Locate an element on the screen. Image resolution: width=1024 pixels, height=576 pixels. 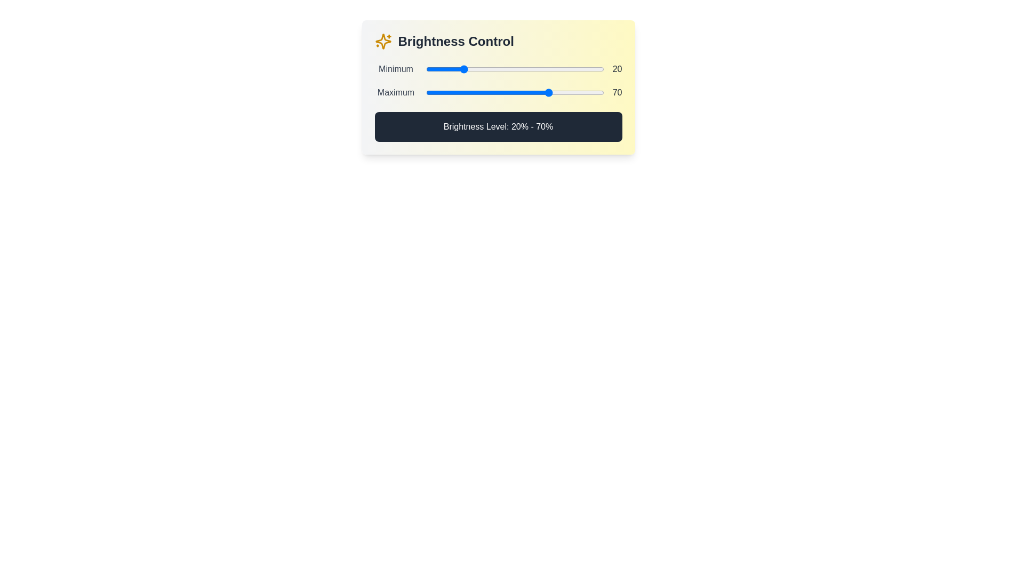
the minimum brightness level to 61% by interacting with the first slider is located at coordinates (534, 69).